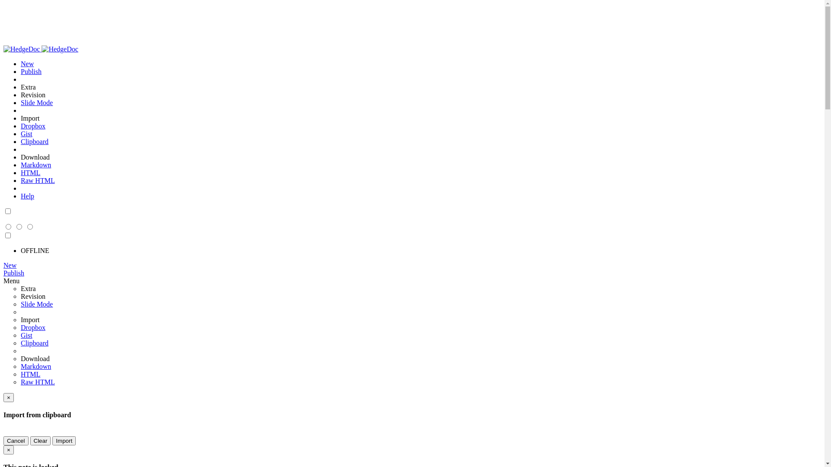 The image size is (831, 467). What do you see at coordinates (30, 173) in the screenshot?
I see `'HTML'` at bounding box center [30, 173].